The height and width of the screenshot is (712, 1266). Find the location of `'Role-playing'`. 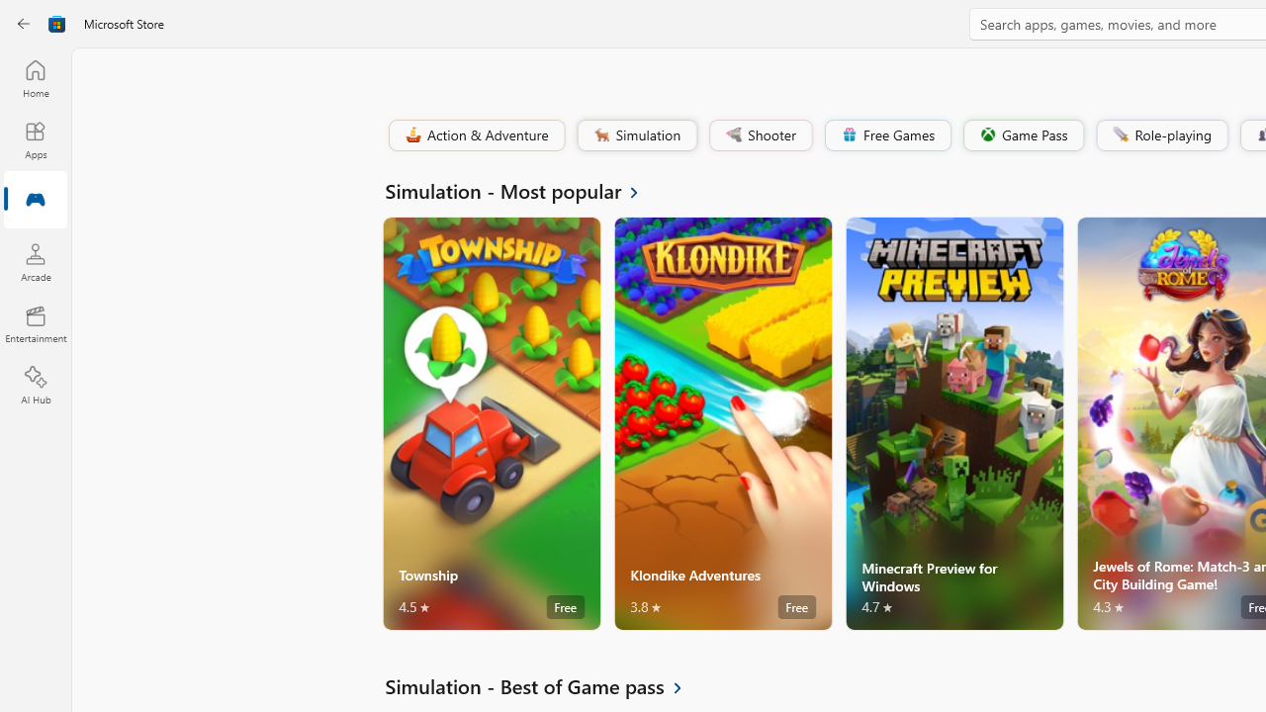

'Role-playing' is located at coordinates (1162, 133).